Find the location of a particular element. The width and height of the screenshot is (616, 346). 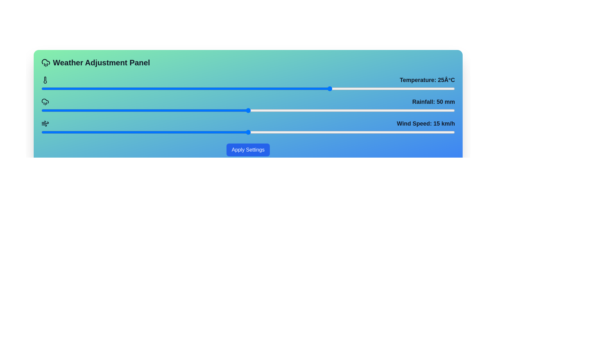

the wind speed is located at coordinates (331, 132).